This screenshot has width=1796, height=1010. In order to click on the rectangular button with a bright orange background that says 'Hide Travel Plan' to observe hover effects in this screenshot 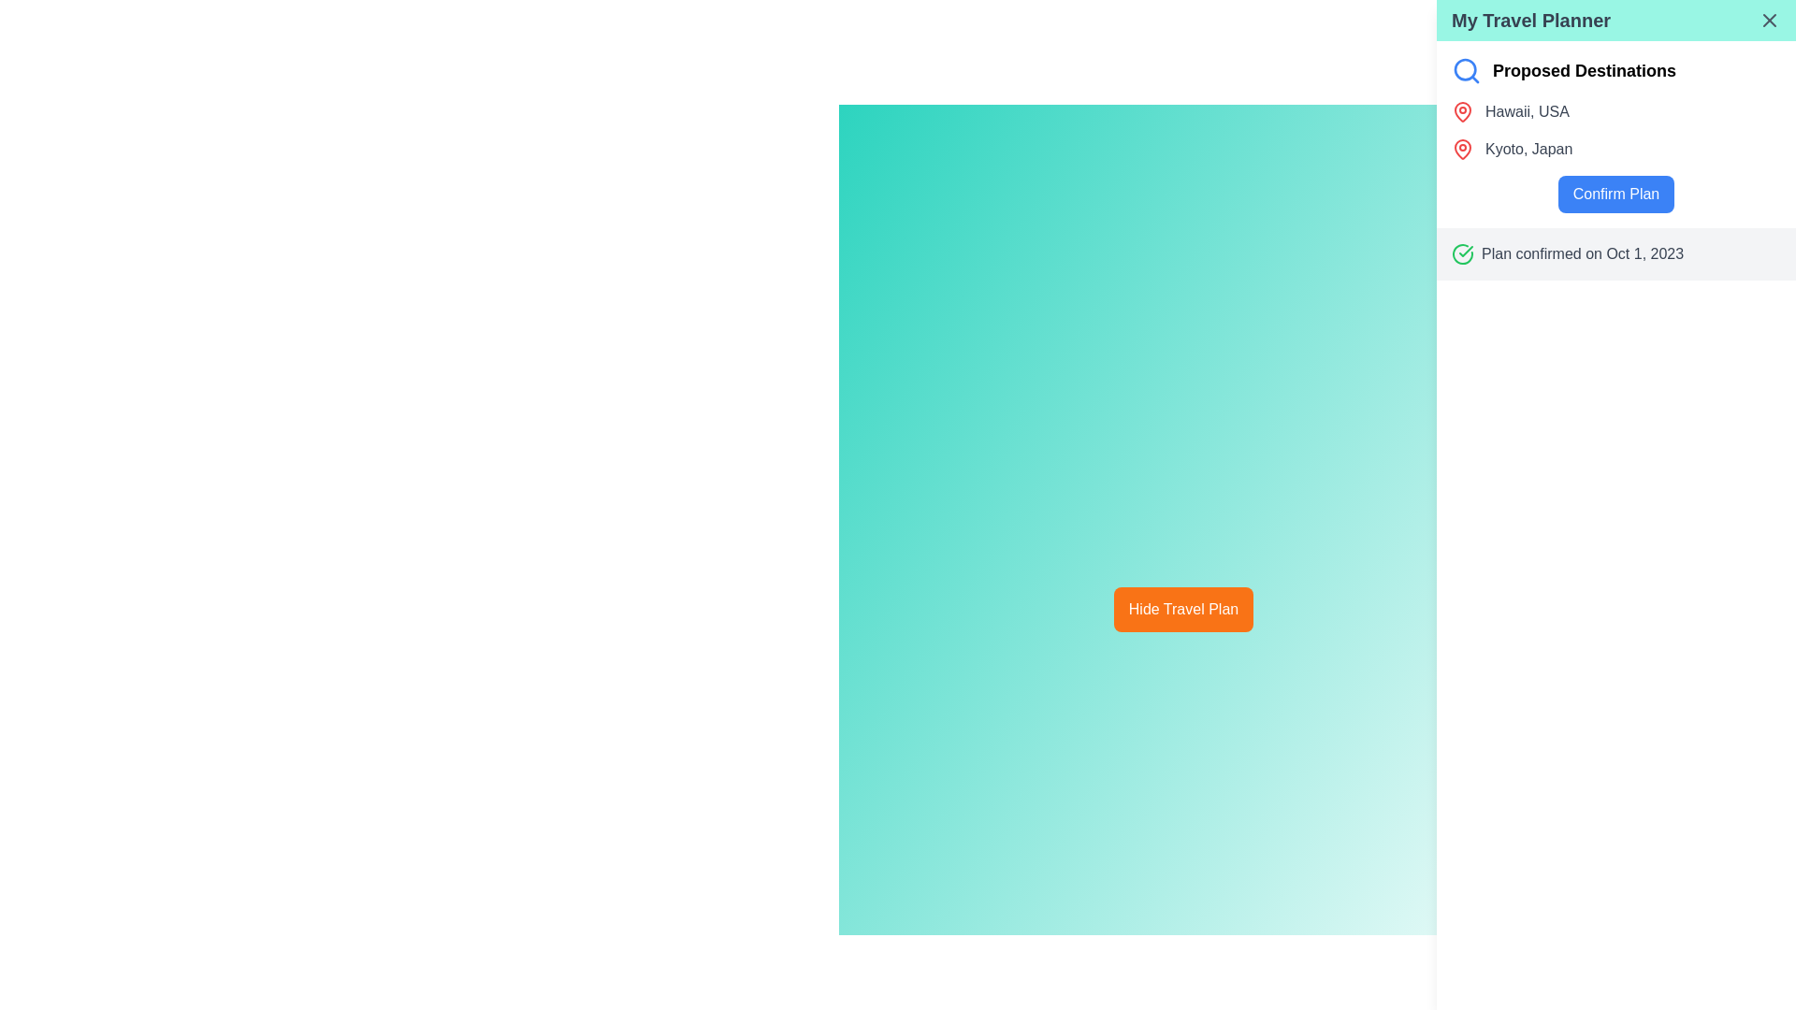, I will do `click(1182, 609)`.